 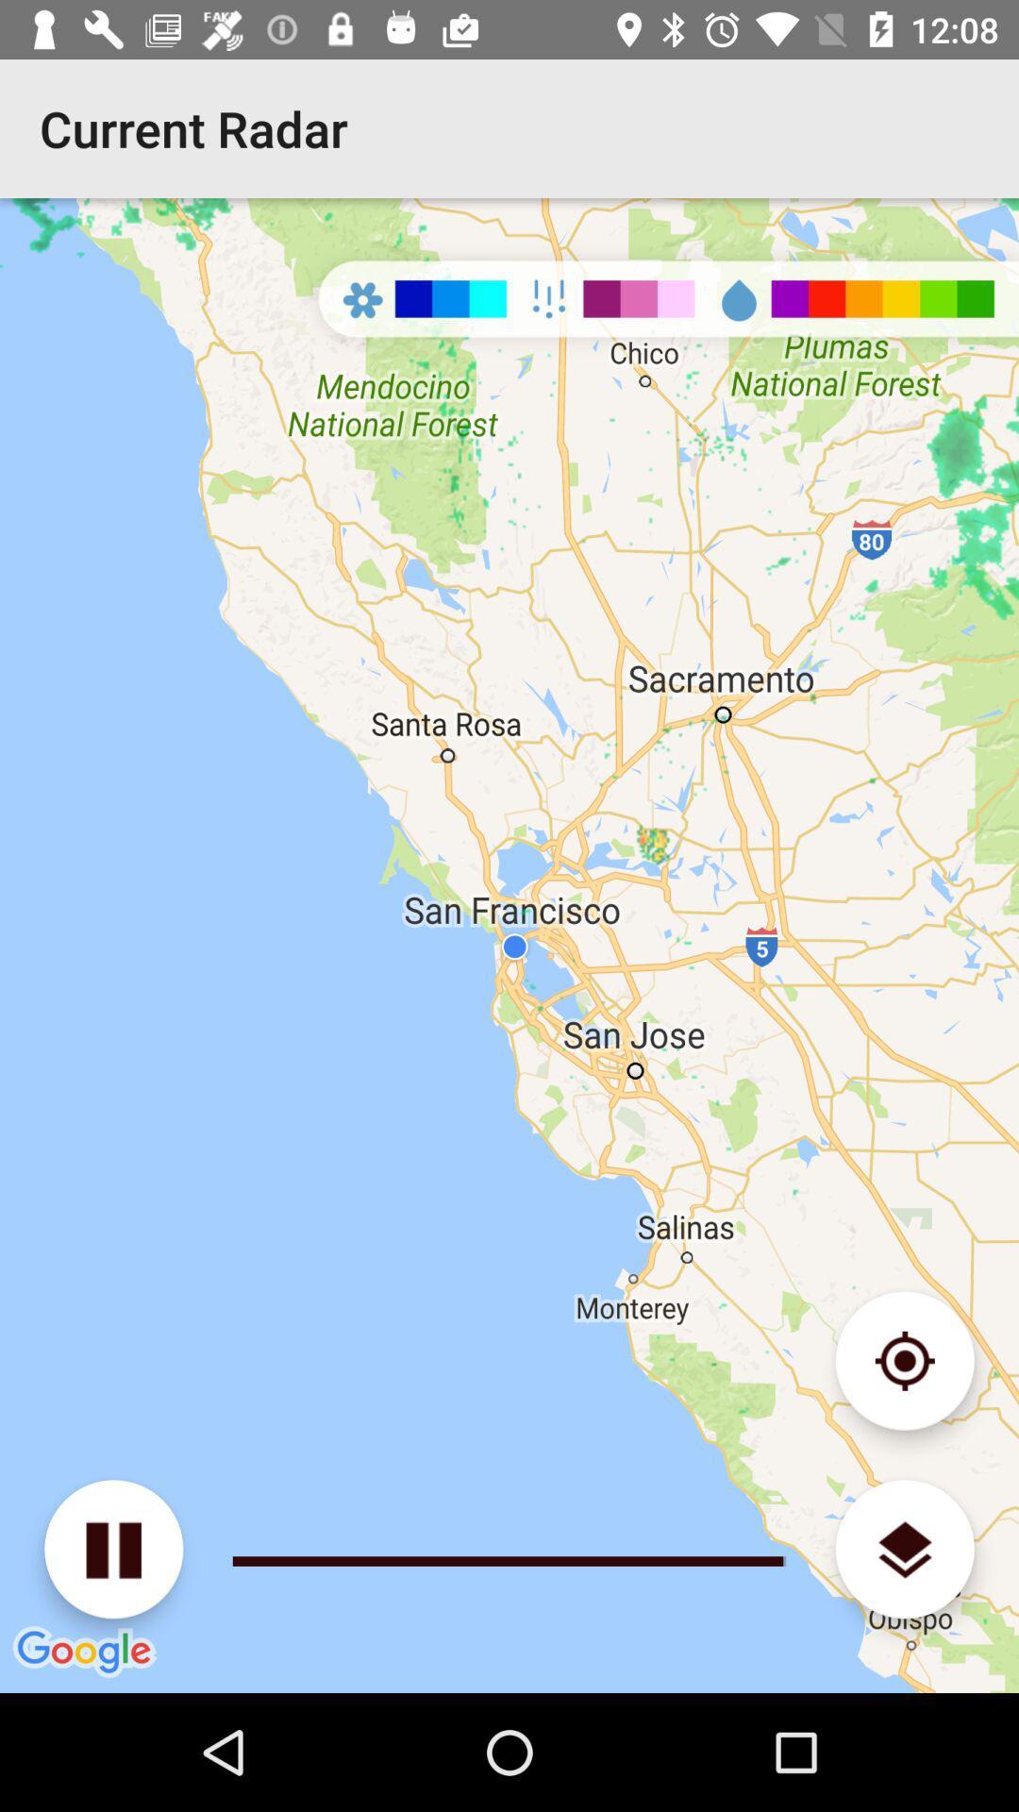 I want to click on change map type, so click(x=904, y=1549).